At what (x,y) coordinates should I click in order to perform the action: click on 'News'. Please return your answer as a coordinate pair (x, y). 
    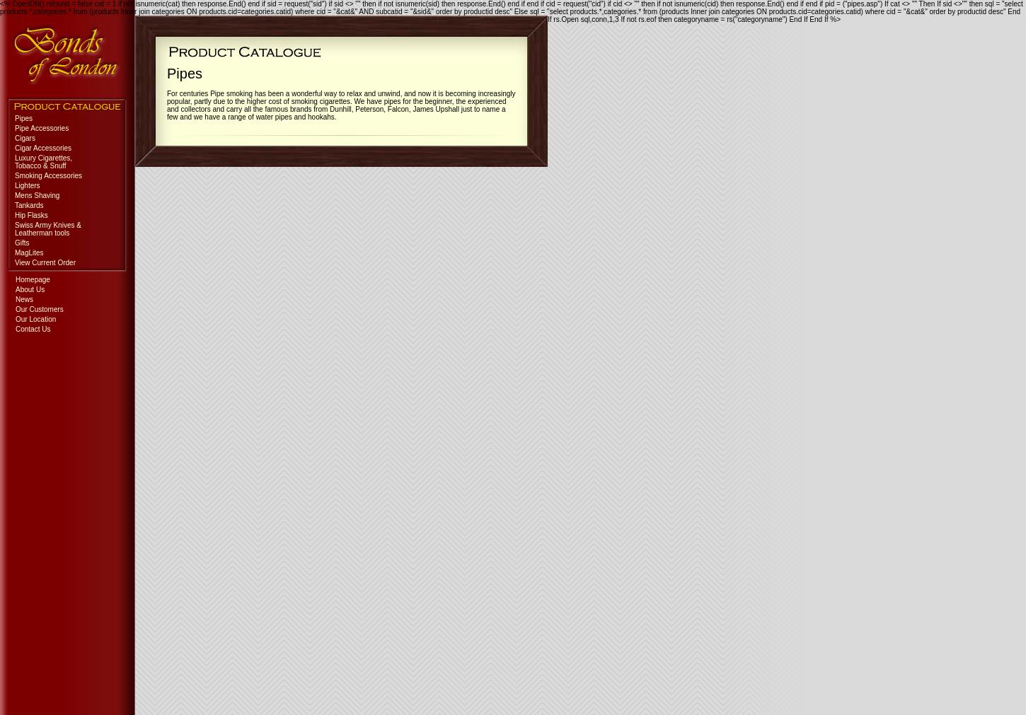
    Looking at the image, I should click on (16, 298).